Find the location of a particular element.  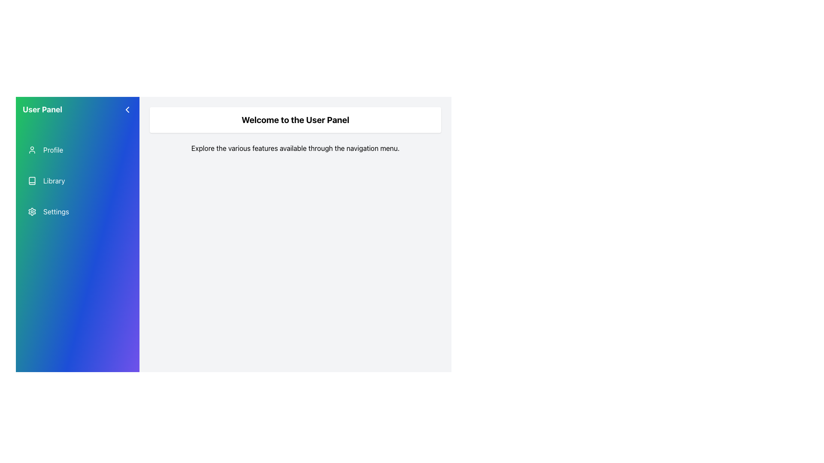

the book-shaped icon located in the left-hand navigation menu beside the 'Library' text label is located at coordinates (32, 180).